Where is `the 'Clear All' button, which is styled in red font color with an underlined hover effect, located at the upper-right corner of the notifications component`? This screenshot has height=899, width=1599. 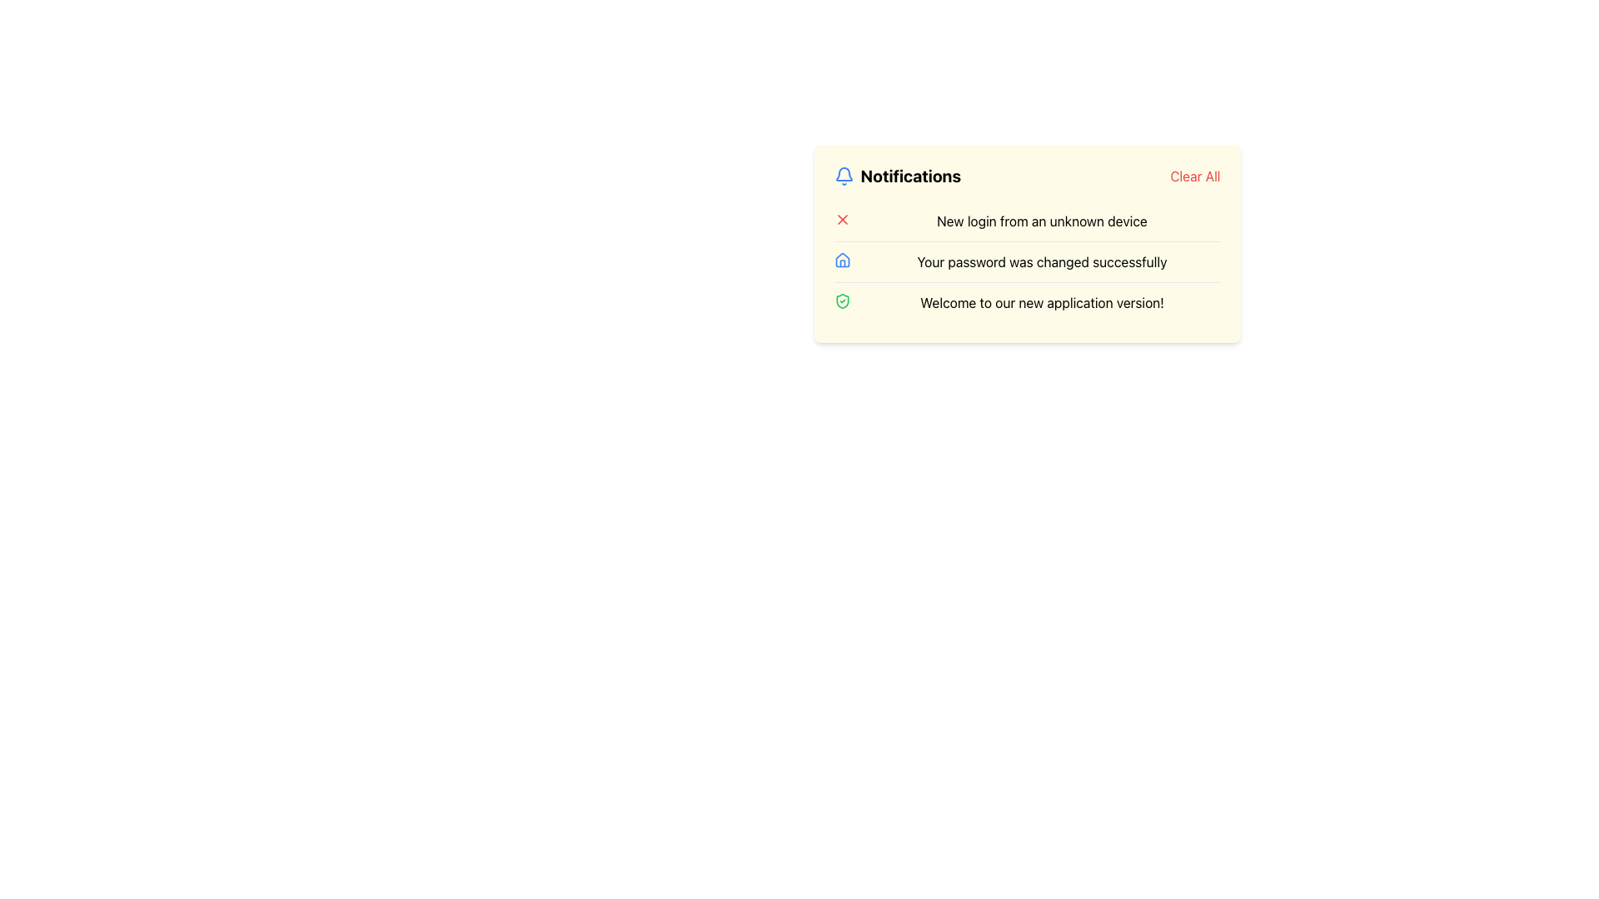 the 'Clear All' button, which is styled in red font color with an underlined hover effect, located at the upper-right corner of the notifications component is located at coordinates (1194, 176).